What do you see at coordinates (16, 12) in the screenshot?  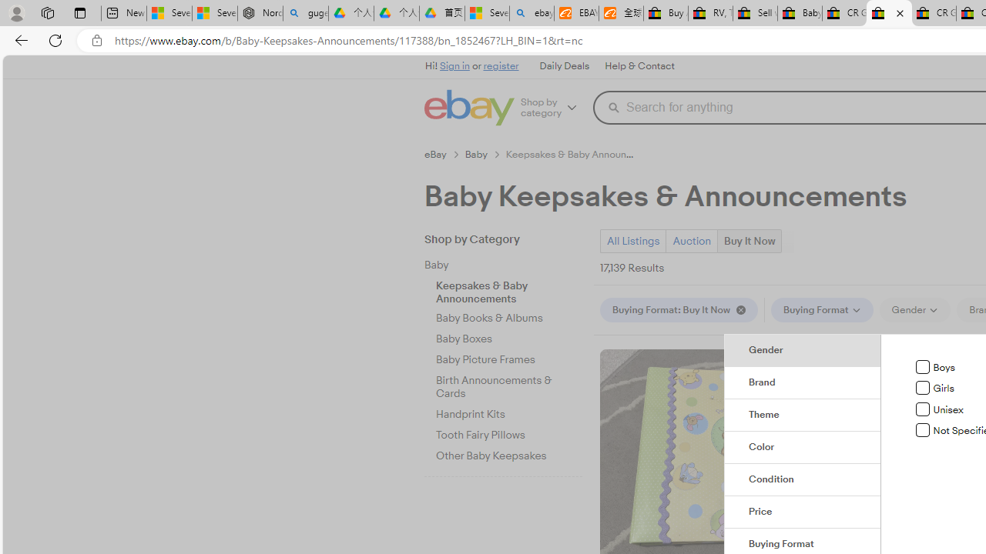 I see `'Personal Profile'` at bounding box center [16, 12].